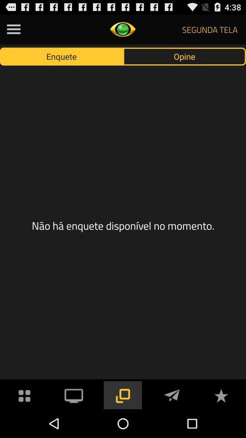 The height and width of the screenshot is (438, 246). I want to click on windows, so click(123, 394).